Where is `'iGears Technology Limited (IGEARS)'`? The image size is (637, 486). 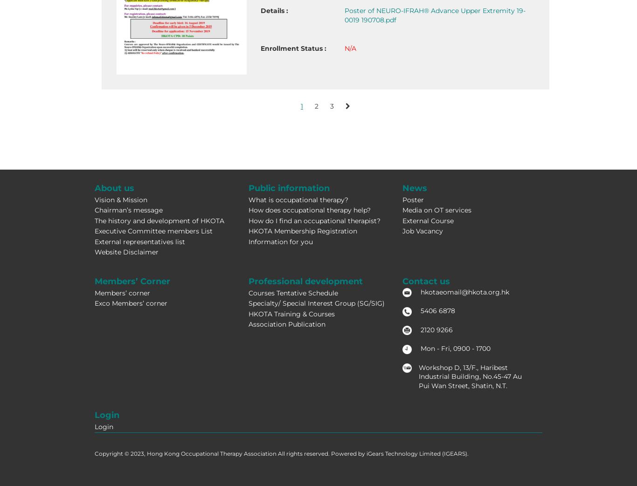
'iGears Technology Limited (IGEARS)' is located at coordinates (416, 453).